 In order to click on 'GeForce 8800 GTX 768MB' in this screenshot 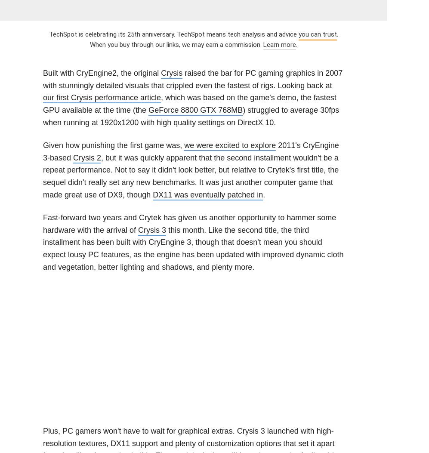, I will do `click(195, 109)`.